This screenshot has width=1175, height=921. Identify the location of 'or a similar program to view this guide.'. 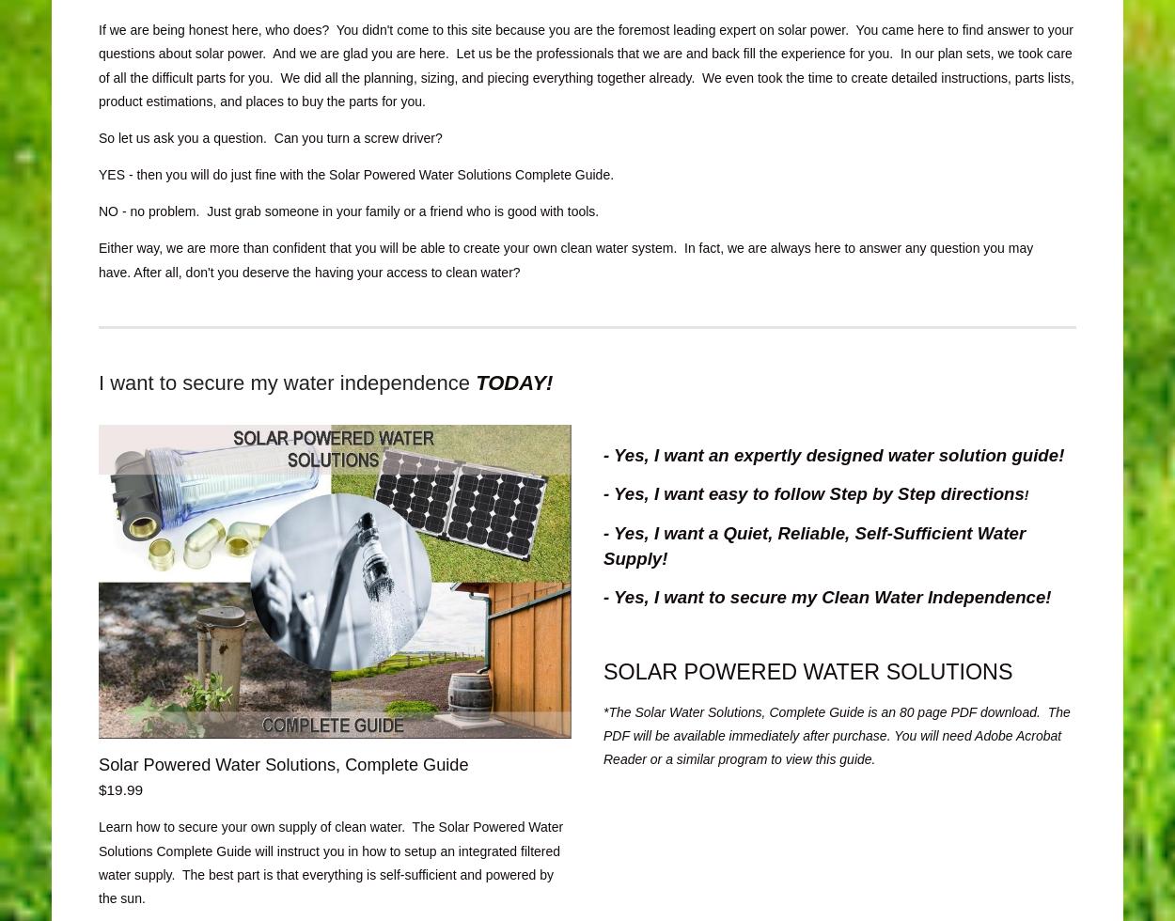
(646, 758).